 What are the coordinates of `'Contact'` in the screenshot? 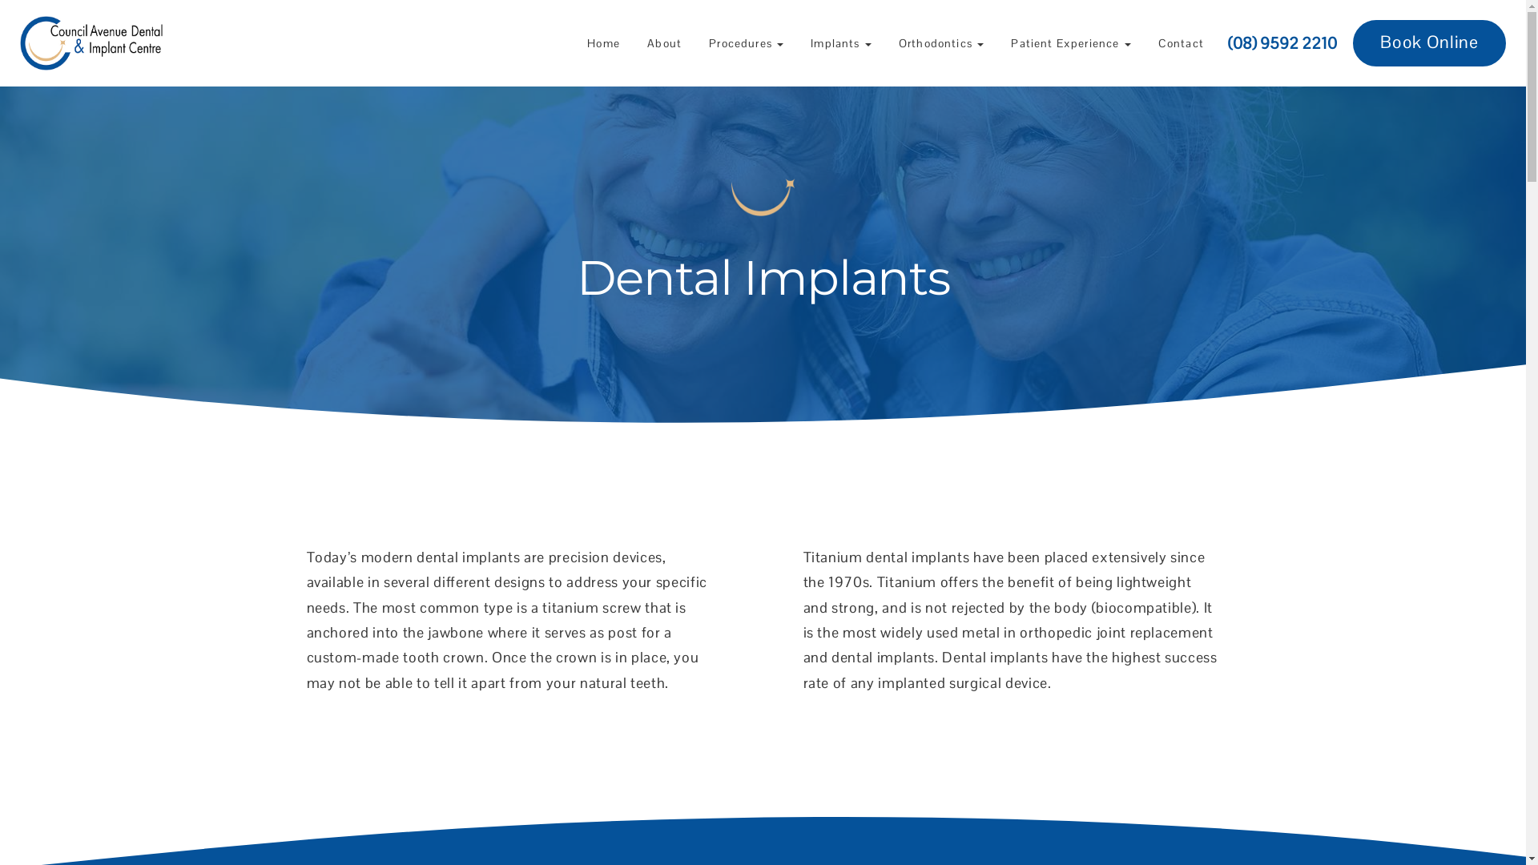 It's located at (1181, 42).